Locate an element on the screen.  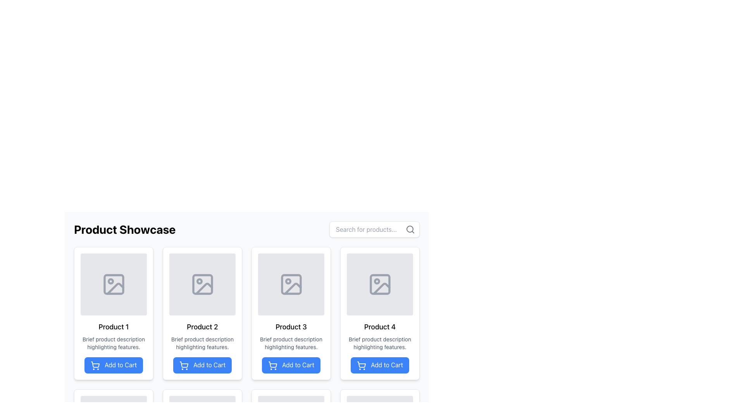
text content located in the card layout under the header 'Product 3' and above the 'Add to Cart' button in the third column of the product grid is located at coordinates (291, 343).